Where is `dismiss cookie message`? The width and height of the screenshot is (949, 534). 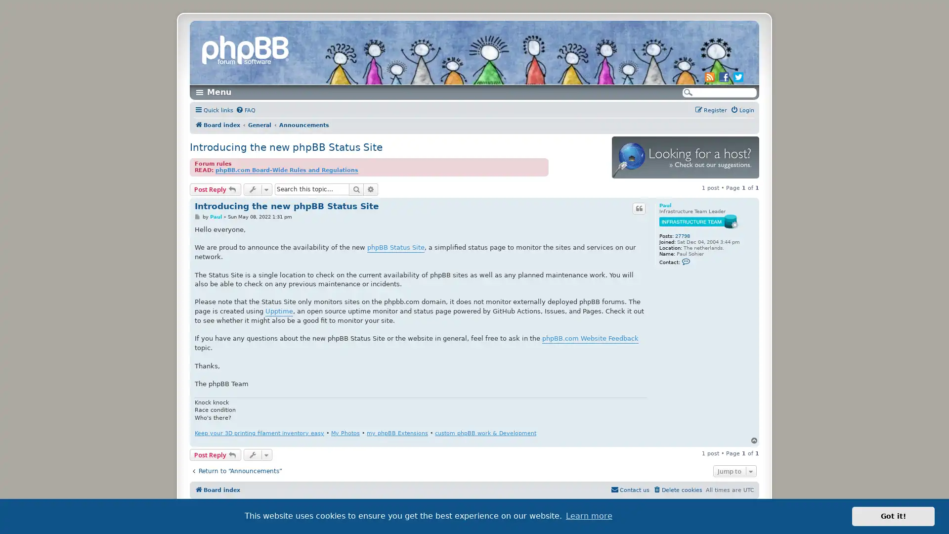
dismiss cookie message is located at coordinates (893, 516).